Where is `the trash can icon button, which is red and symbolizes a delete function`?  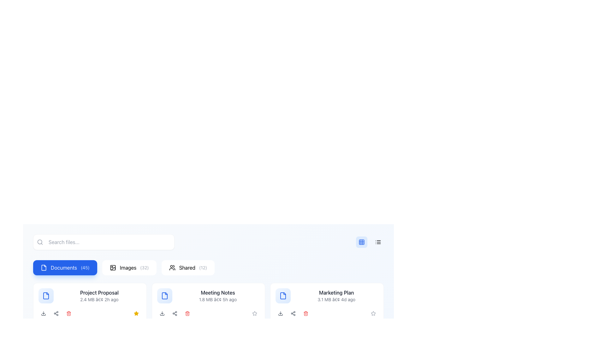 the trash can icon button, which is red and symbolizes a delete function is located at coordinates (68, 313).